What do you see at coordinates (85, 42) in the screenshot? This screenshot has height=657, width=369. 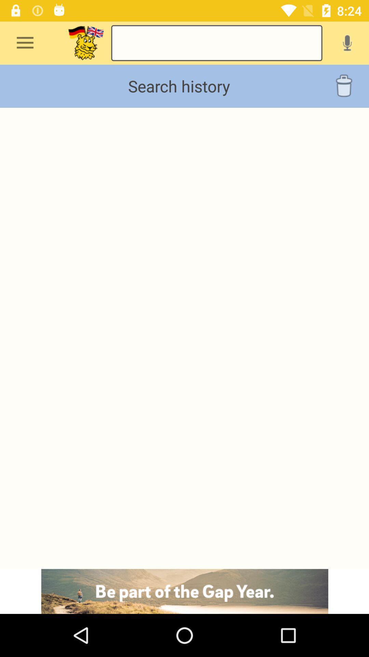 I see `this icon` at bounding box center [85, 42].